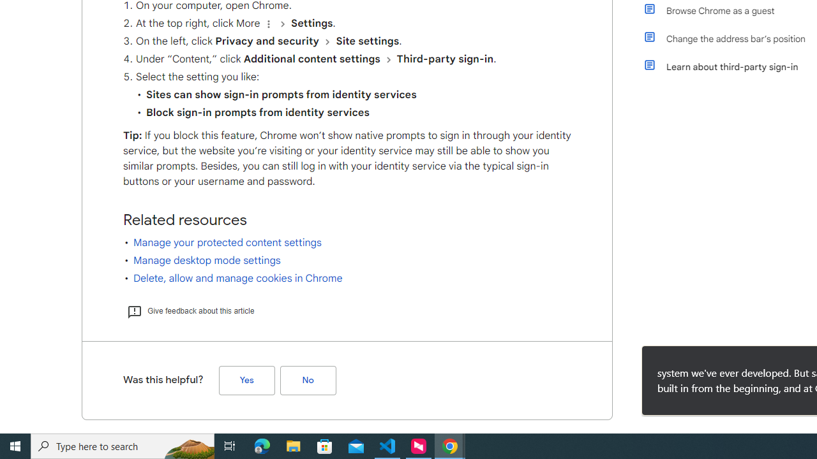 This screenshot has height=459, width=817. What do you see at coordinates (246, 379) in the screenshot?
I see `'Yes (Was this helpful?)'` at bounding box center [246, 379].